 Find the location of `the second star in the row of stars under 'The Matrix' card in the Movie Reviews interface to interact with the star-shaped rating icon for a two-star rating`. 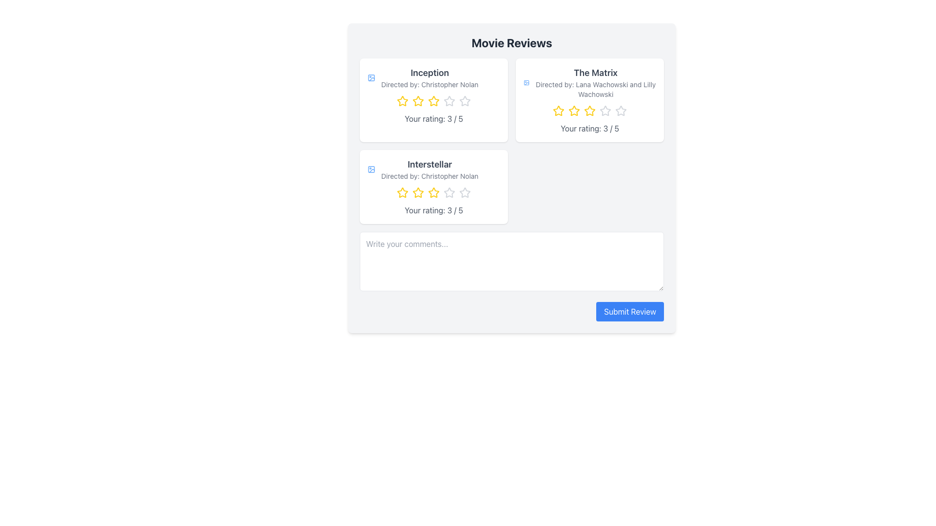

the second star in the row of stars under 'The Matrix' card in the Movie Reviews interface to interact with the star-shaped rating icon for a two-star rating is located at coordinates (574, 110).